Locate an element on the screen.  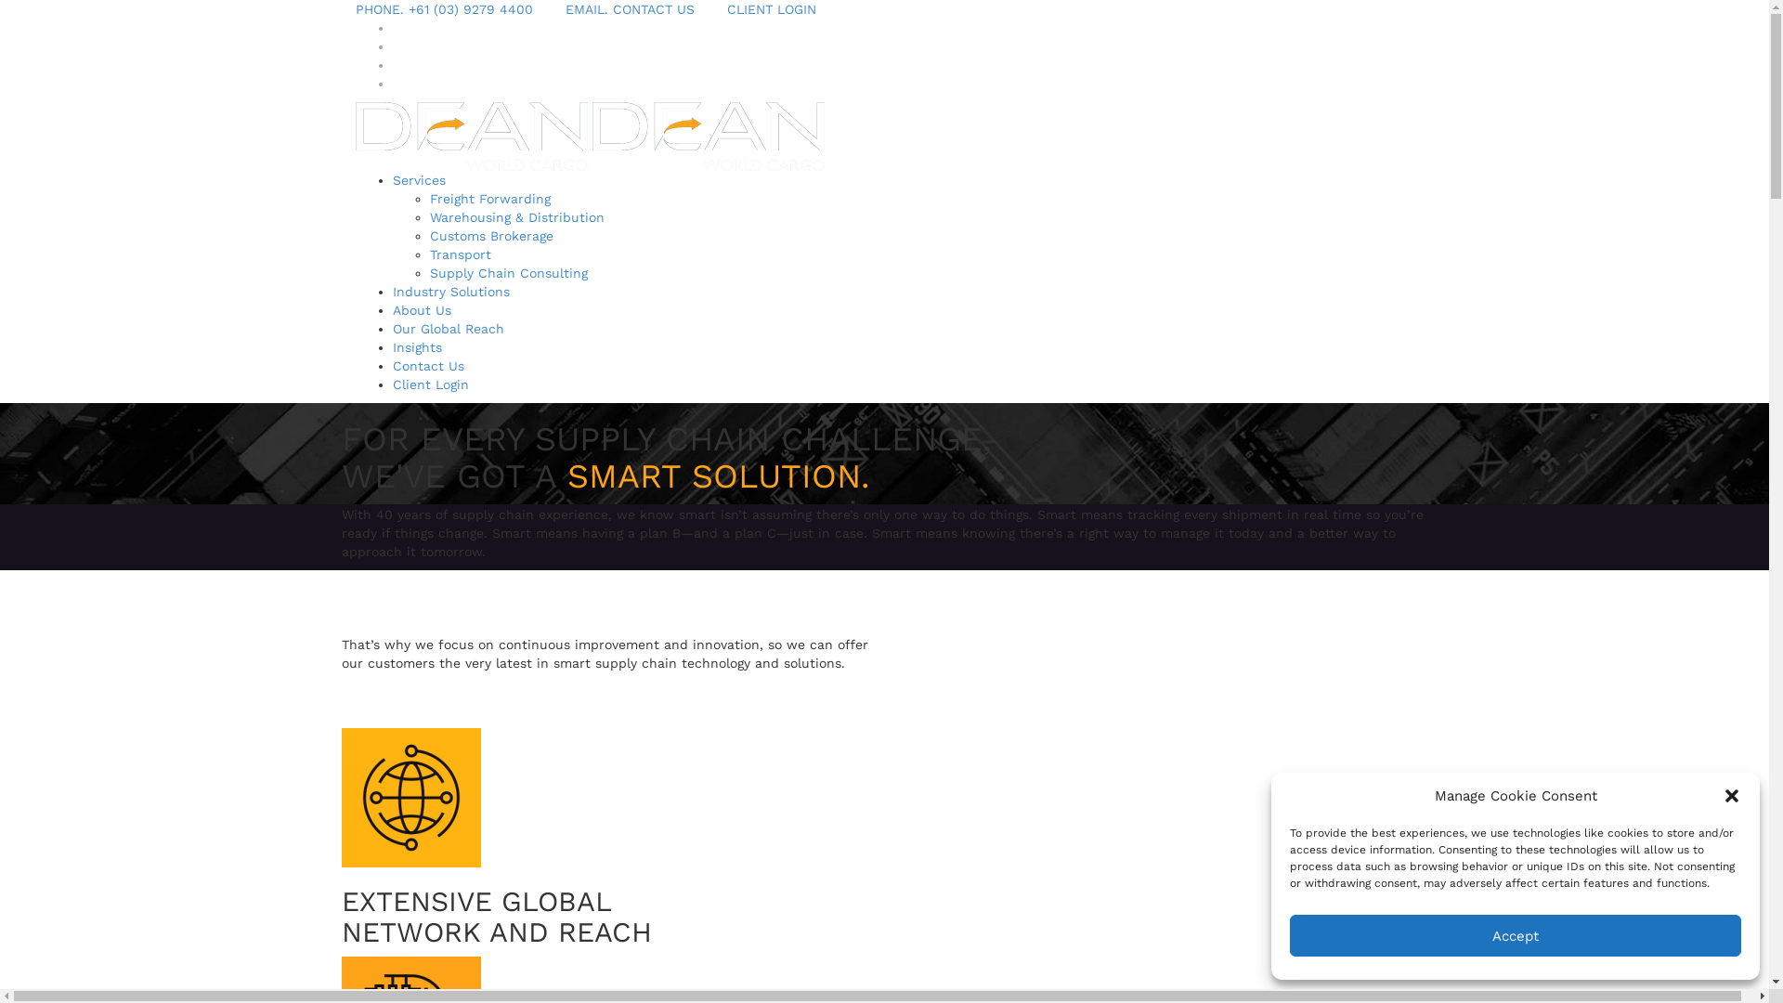
'About Us' is located at coordinates (420, 309).